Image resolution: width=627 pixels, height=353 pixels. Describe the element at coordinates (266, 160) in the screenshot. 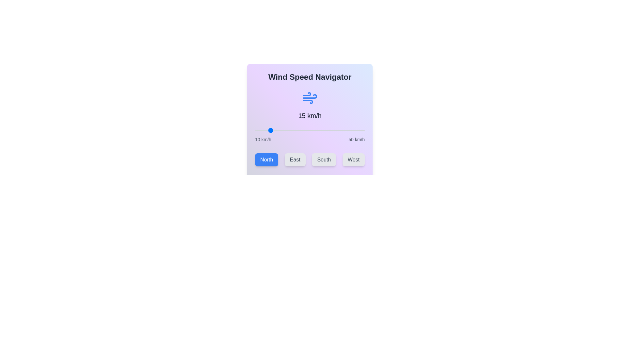

I see `the North button to select the wind direction` at that location.